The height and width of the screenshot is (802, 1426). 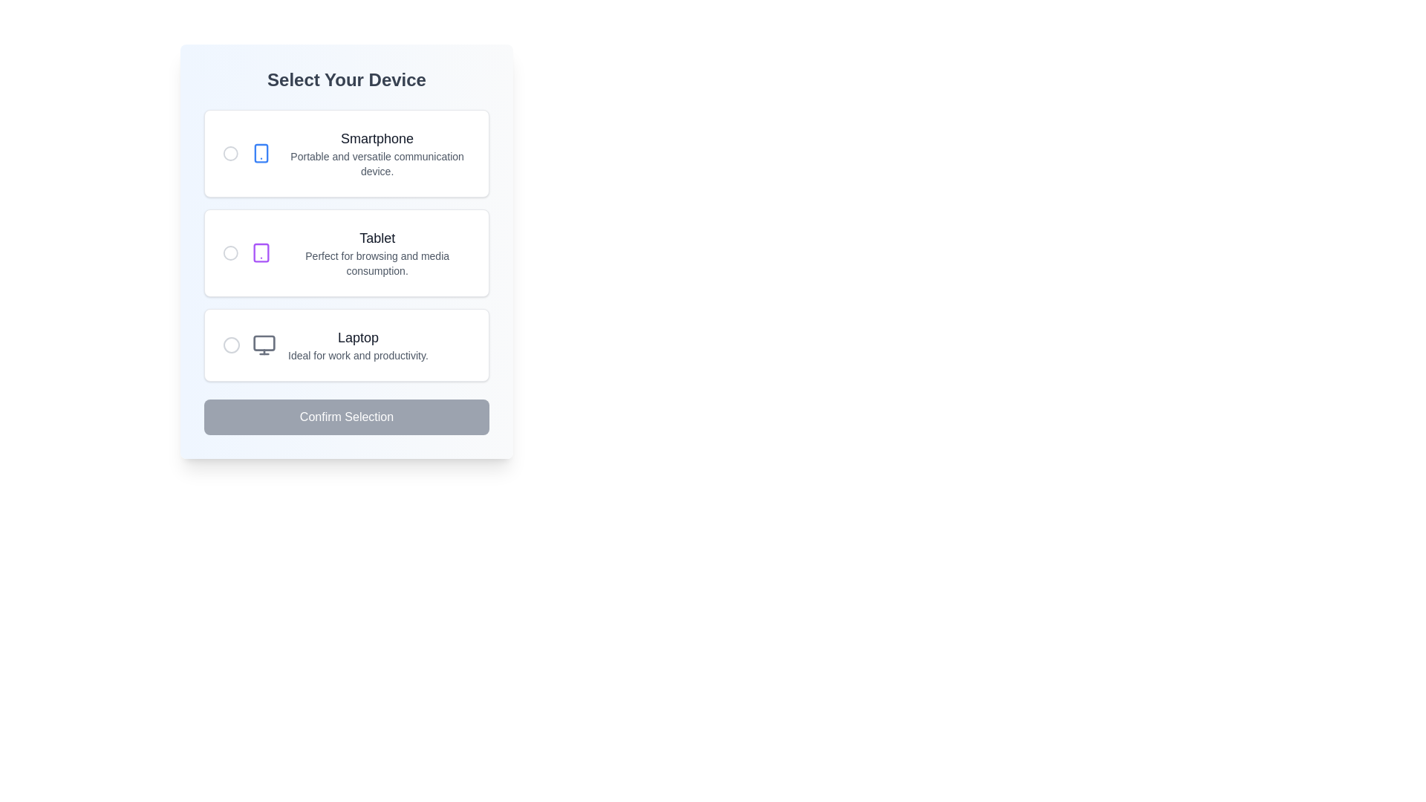 What do you see at coordinates (377, 262) in the screenshot?
I see `the text label that reads 'Perfect for browsing and media consumption.' which is located beneath the title 'Tablet' in the middle selection group of the interface` at bounding box center [377, 262].